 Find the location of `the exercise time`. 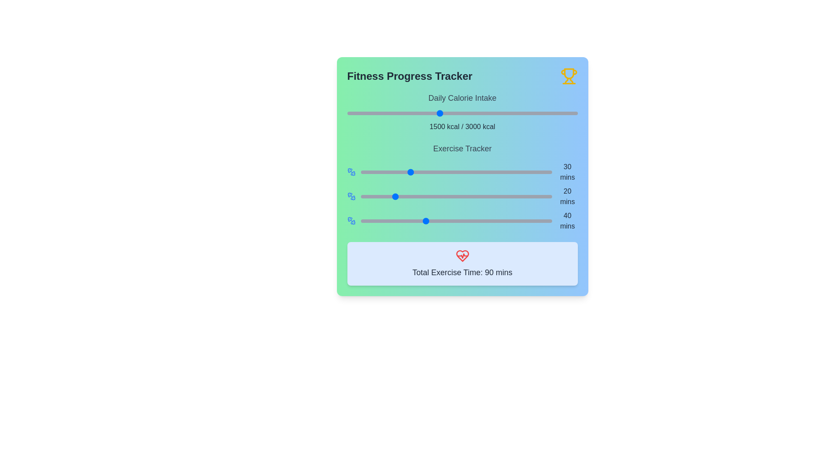

the exercise time is located at coordinates (375, 172).